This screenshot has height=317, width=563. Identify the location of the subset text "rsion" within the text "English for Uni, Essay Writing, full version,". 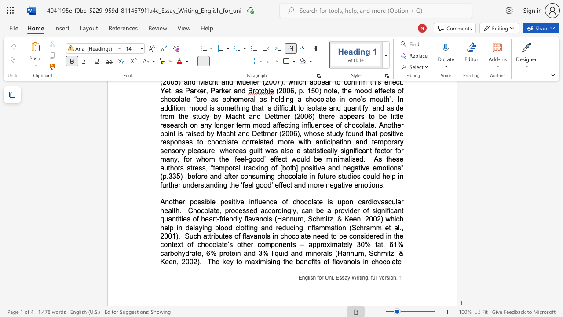
(384, 278).